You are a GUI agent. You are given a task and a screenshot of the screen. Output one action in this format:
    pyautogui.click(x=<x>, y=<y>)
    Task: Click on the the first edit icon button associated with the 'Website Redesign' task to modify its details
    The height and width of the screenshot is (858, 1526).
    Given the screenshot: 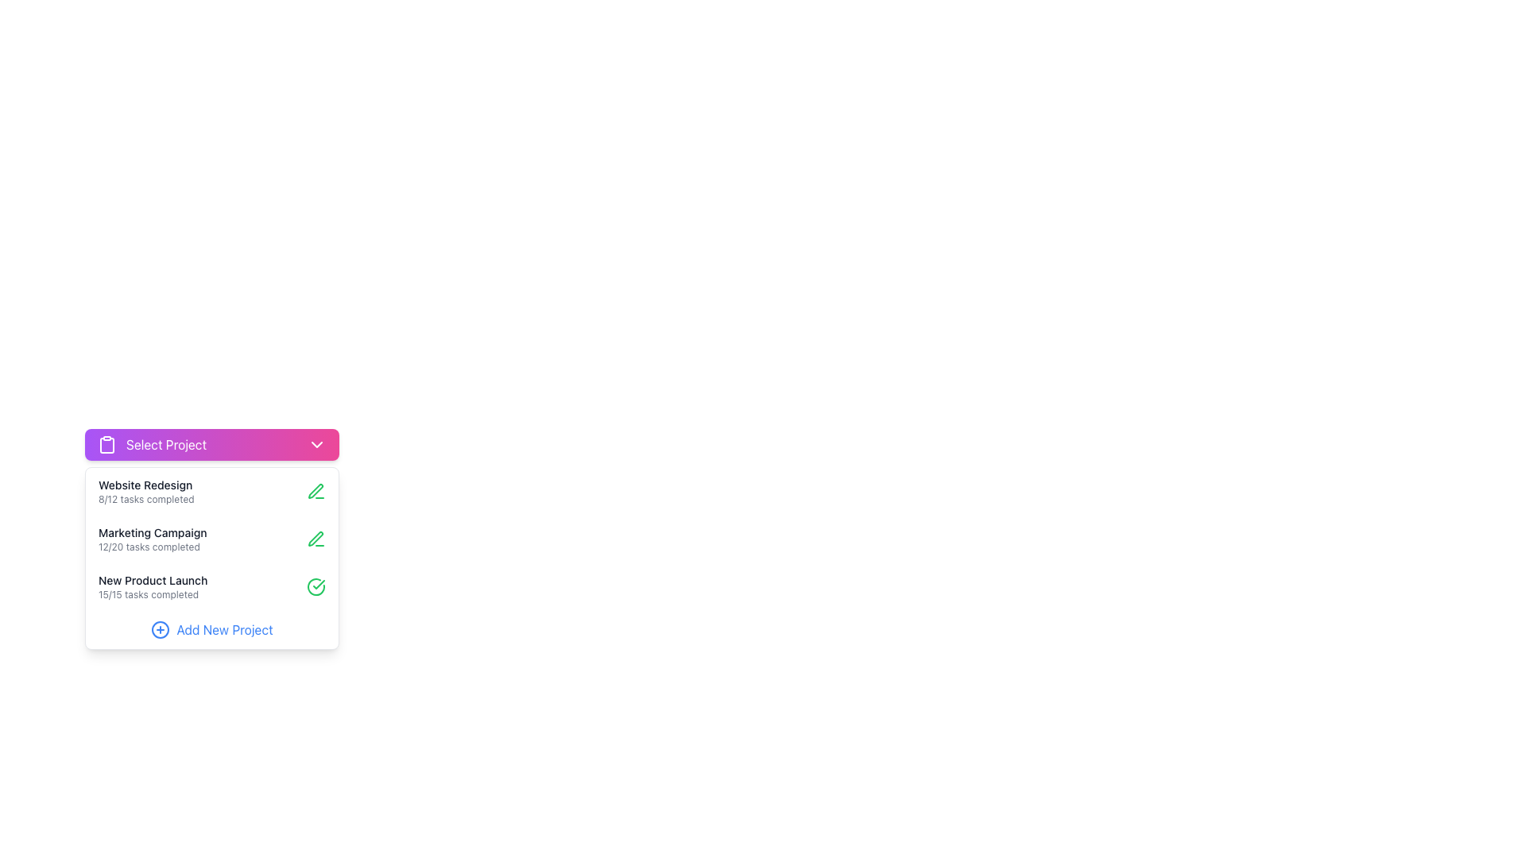 What is the action you would take?
    pyautogui.click(x=316, y=538)
    